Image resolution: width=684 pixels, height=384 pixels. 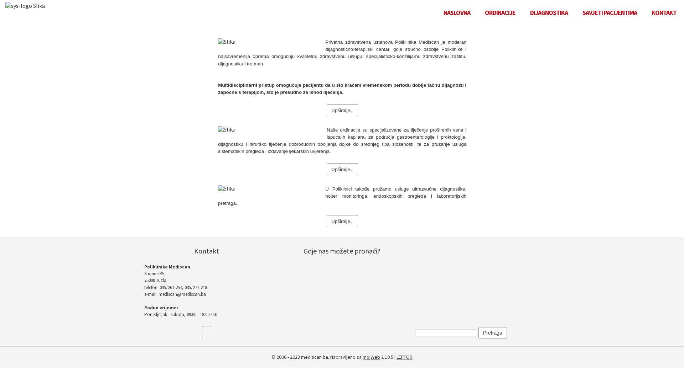 I want to click on 'LEFTOR', so click(x=404, y=357).